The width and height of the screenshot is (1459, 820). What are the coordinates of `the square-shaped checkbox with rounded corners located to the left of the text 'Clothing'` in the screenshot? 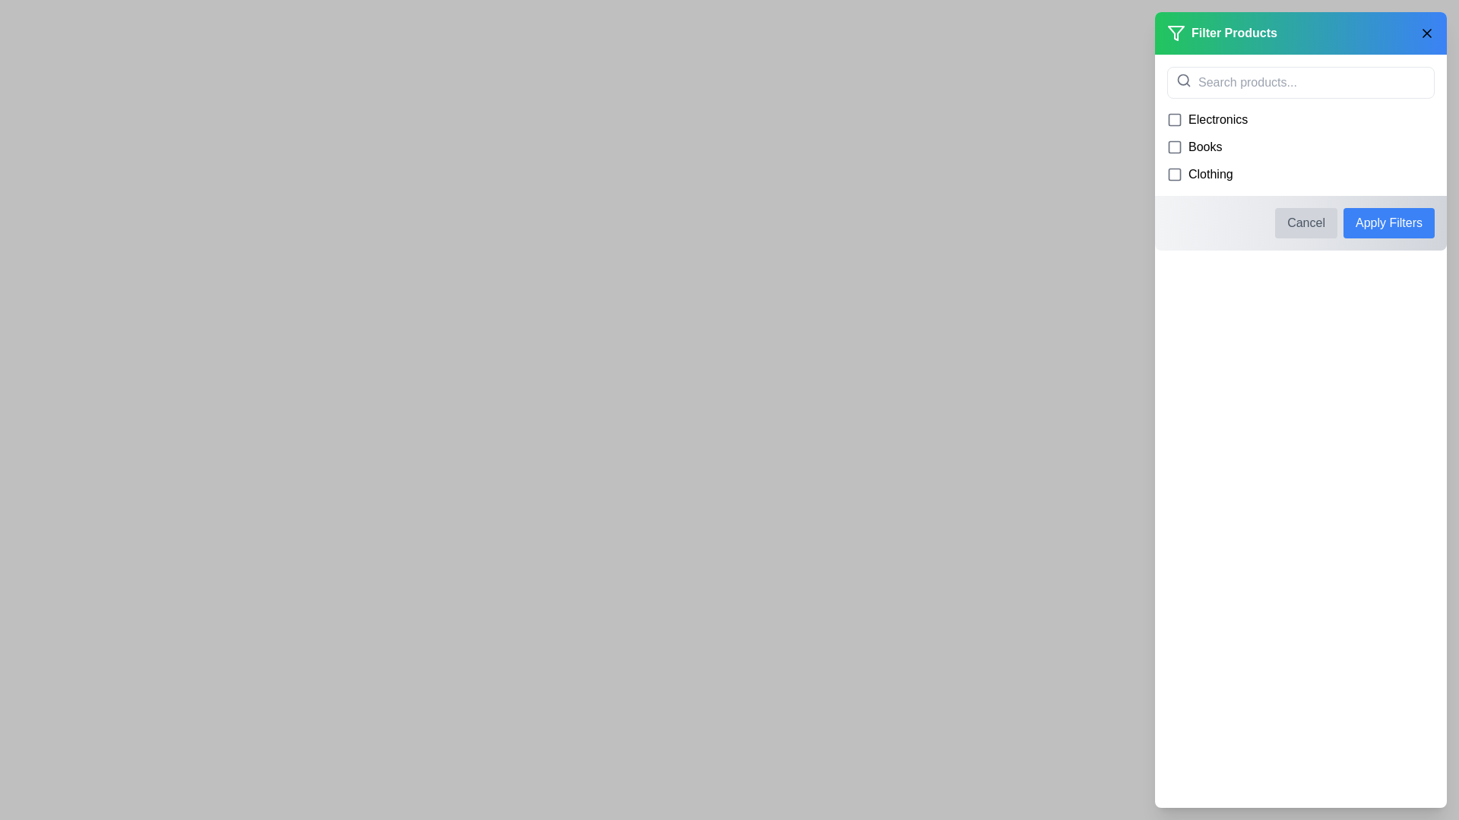 It's located at (1173, 174).